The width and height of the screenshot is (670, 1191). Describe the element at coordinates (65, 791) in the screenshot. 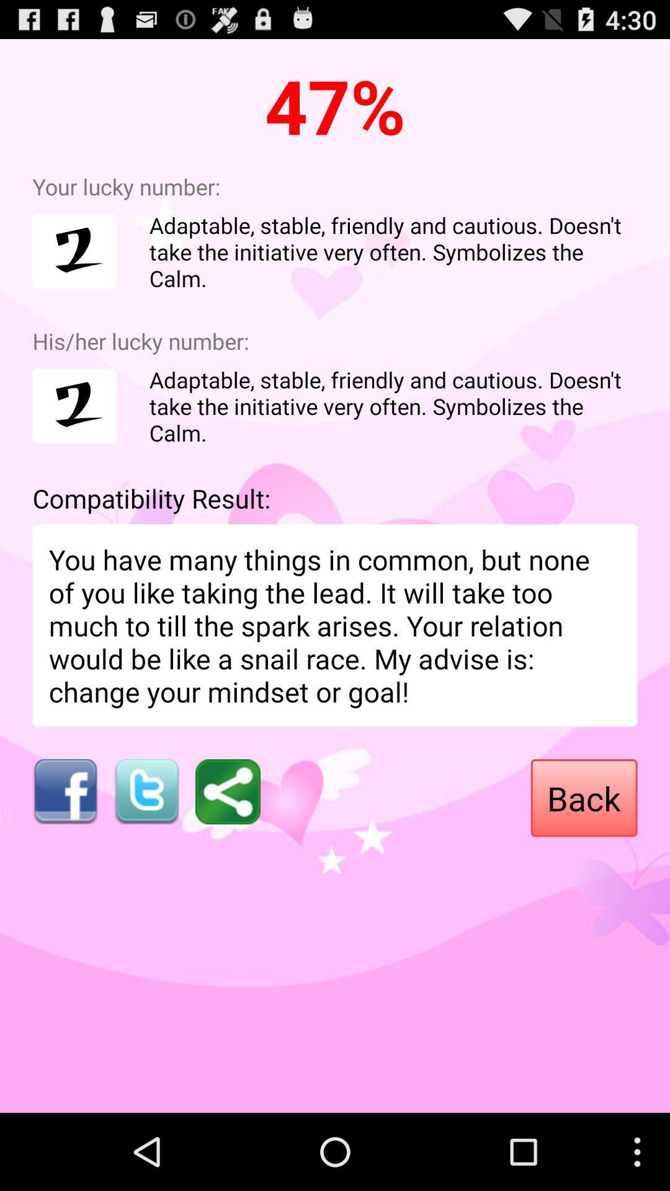

I see `the icon below the you have many app` at that location.